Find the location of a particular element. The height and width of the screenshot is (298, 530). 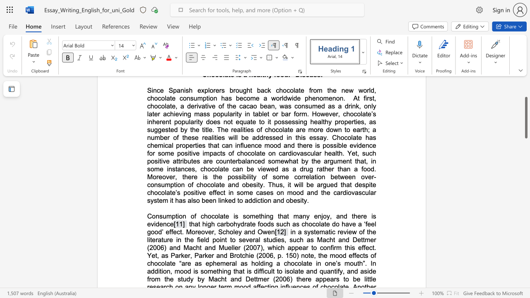

the scrollbar and move up 10 pixels is located at coordinates (525, 118).